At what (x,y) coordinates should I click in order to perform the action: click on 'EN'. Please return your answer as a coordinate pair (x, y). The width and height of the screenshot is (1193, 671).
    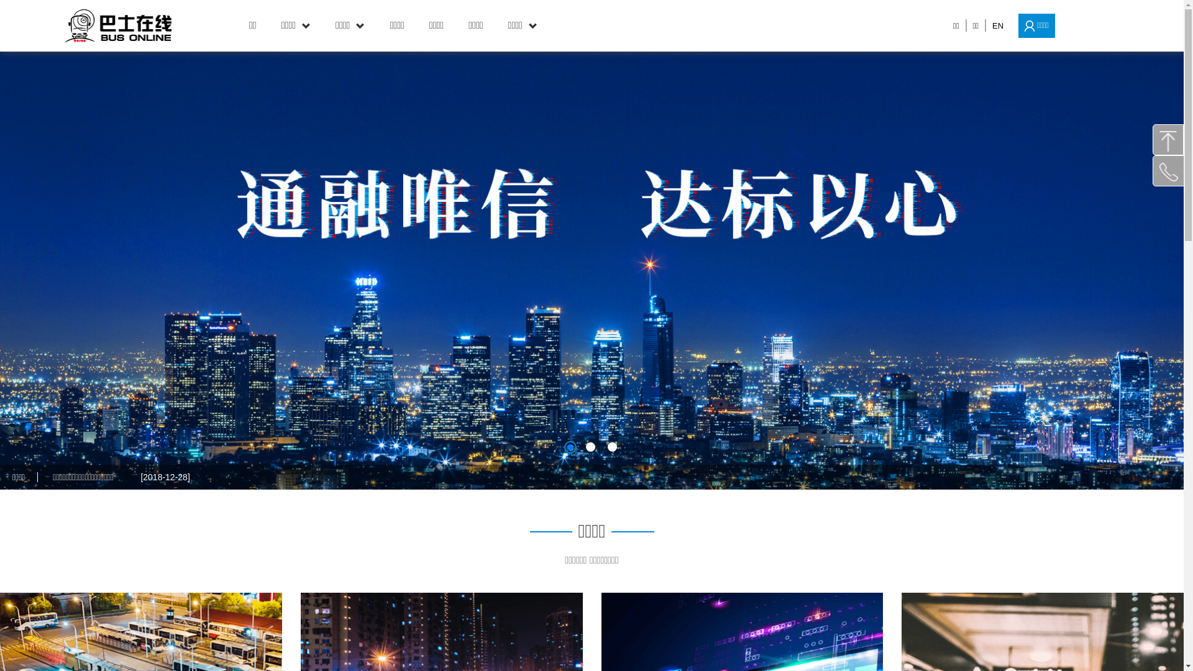
    Looking at the image, I should click on (998, 25).